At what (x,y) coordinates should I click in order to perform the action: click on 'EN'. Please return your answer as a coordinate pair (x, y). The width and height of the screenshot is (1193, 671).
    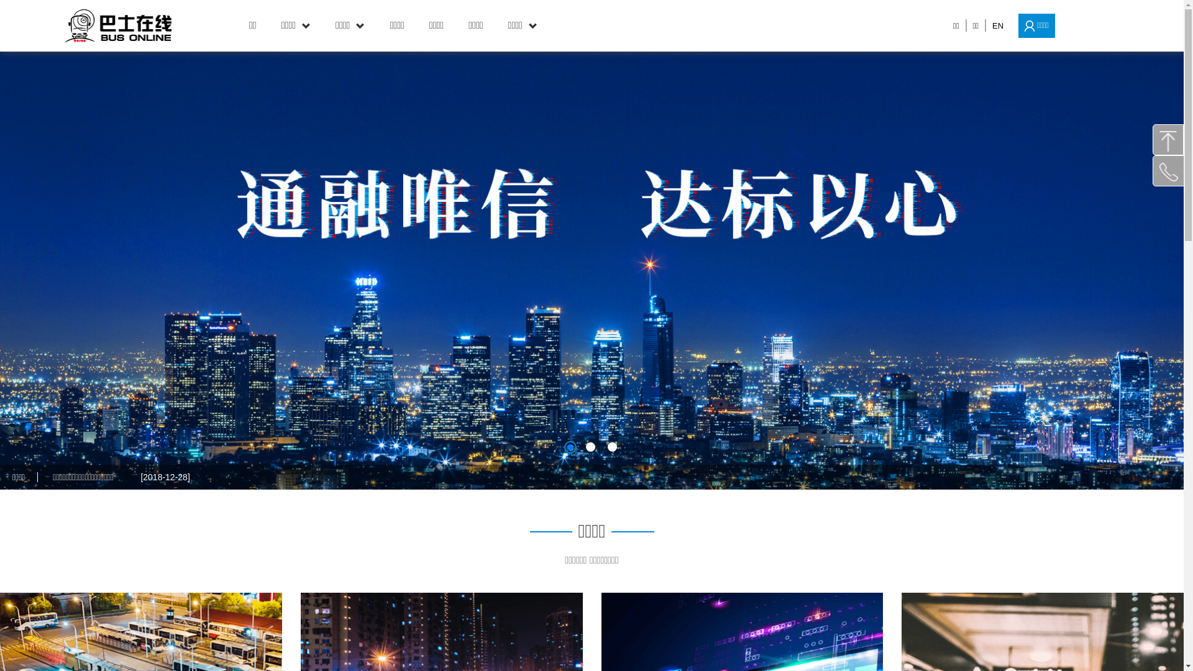
    Looking at the image, I should click on (998, 25).